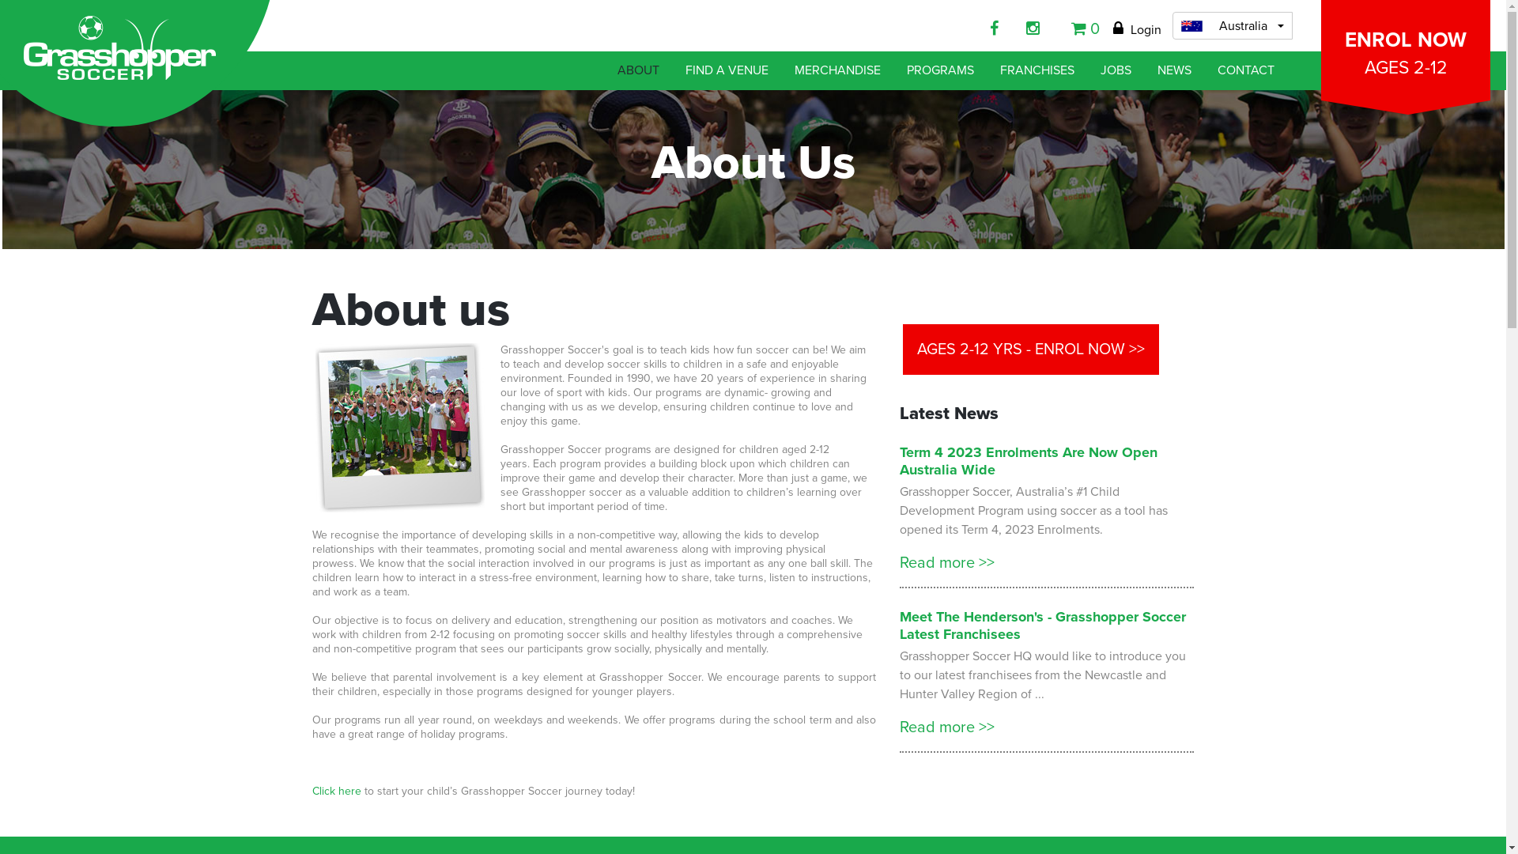  I want to click on 'FRANCHISES', so click(991, 70).